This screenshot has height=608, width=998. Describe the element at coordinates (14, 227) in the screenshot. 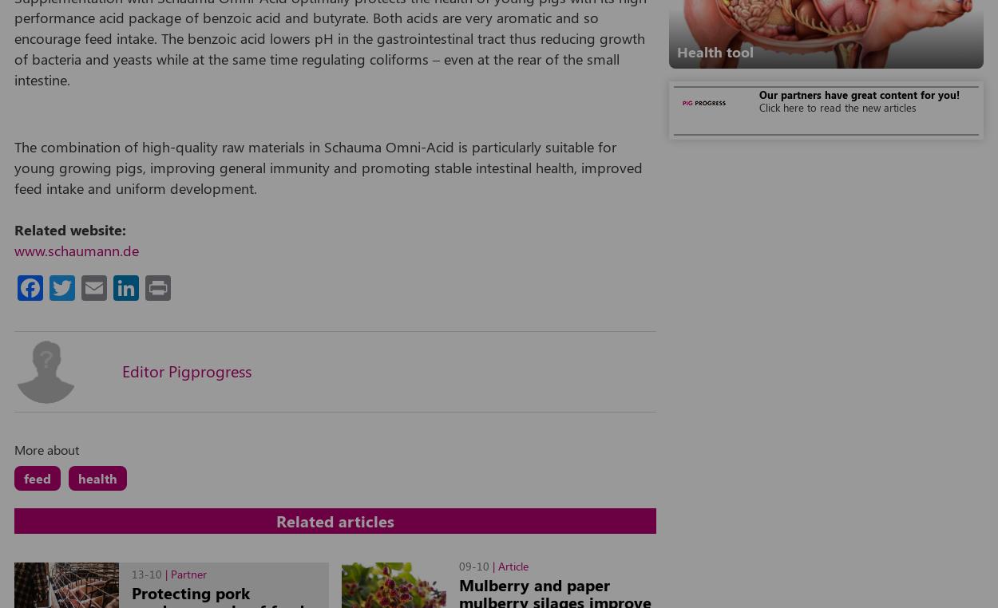

I see `'Related website:'` at that location.